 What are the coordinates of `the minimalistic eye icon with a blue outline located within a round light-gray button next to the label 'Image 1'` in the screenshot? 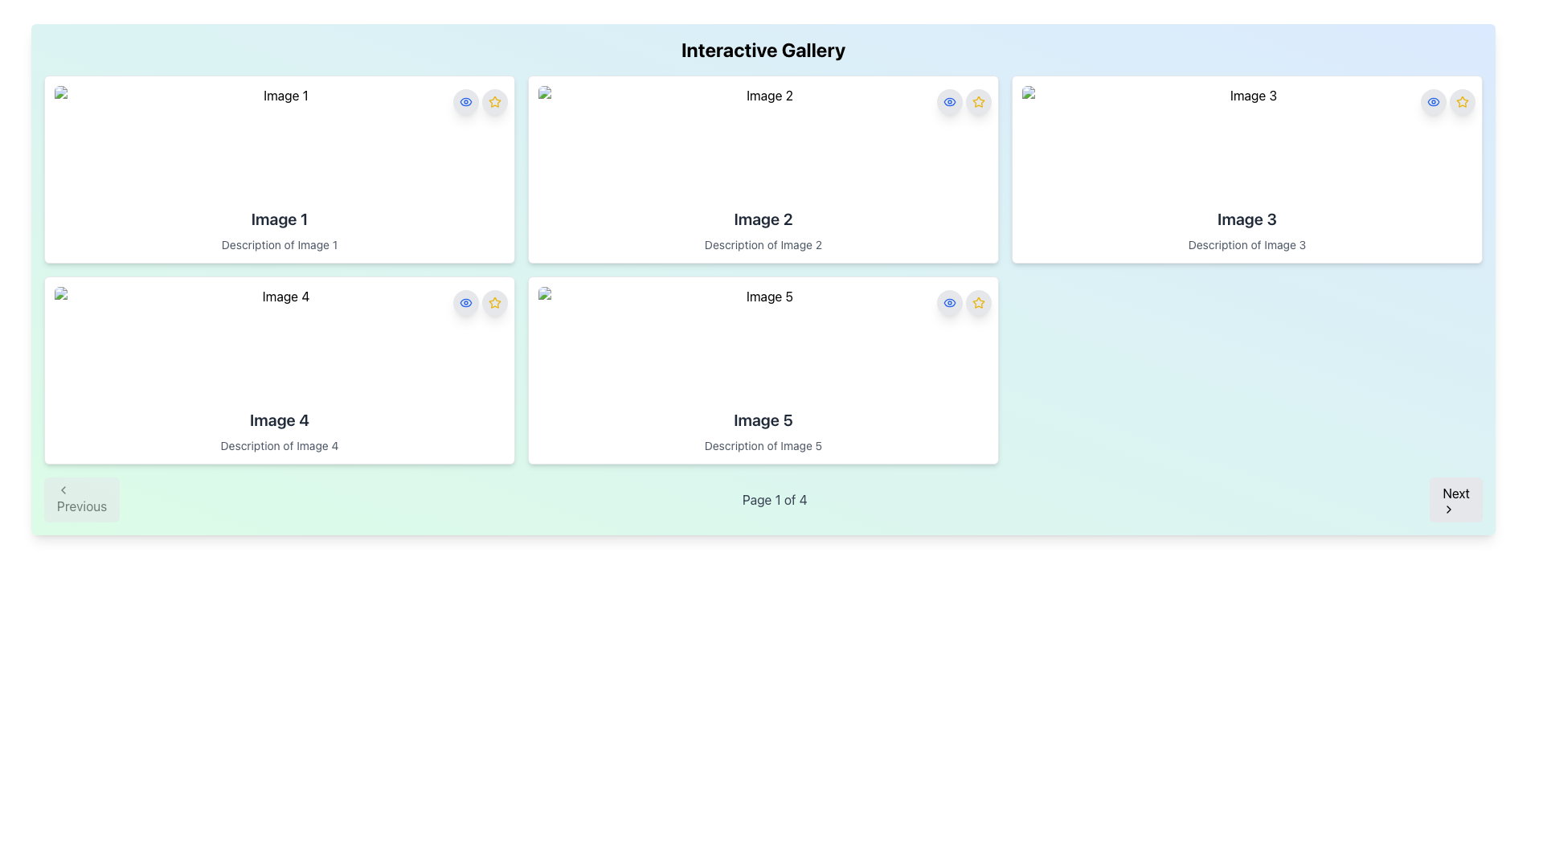 It's located at (465, 303).